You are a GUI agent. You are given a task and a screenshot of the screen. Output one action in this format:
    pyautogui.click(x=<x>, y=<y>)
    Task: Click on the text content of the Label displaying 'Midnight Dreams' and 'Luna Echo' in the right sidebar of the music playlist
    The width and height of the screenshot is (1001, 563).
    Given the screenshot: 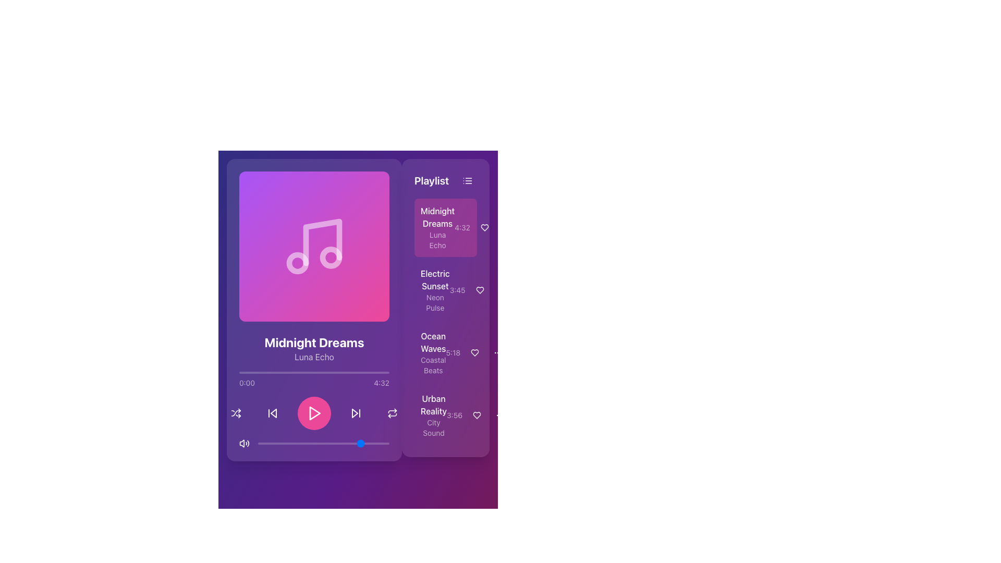 What is the action you would take?
    pyautogui.click(x=437, y=227)
    